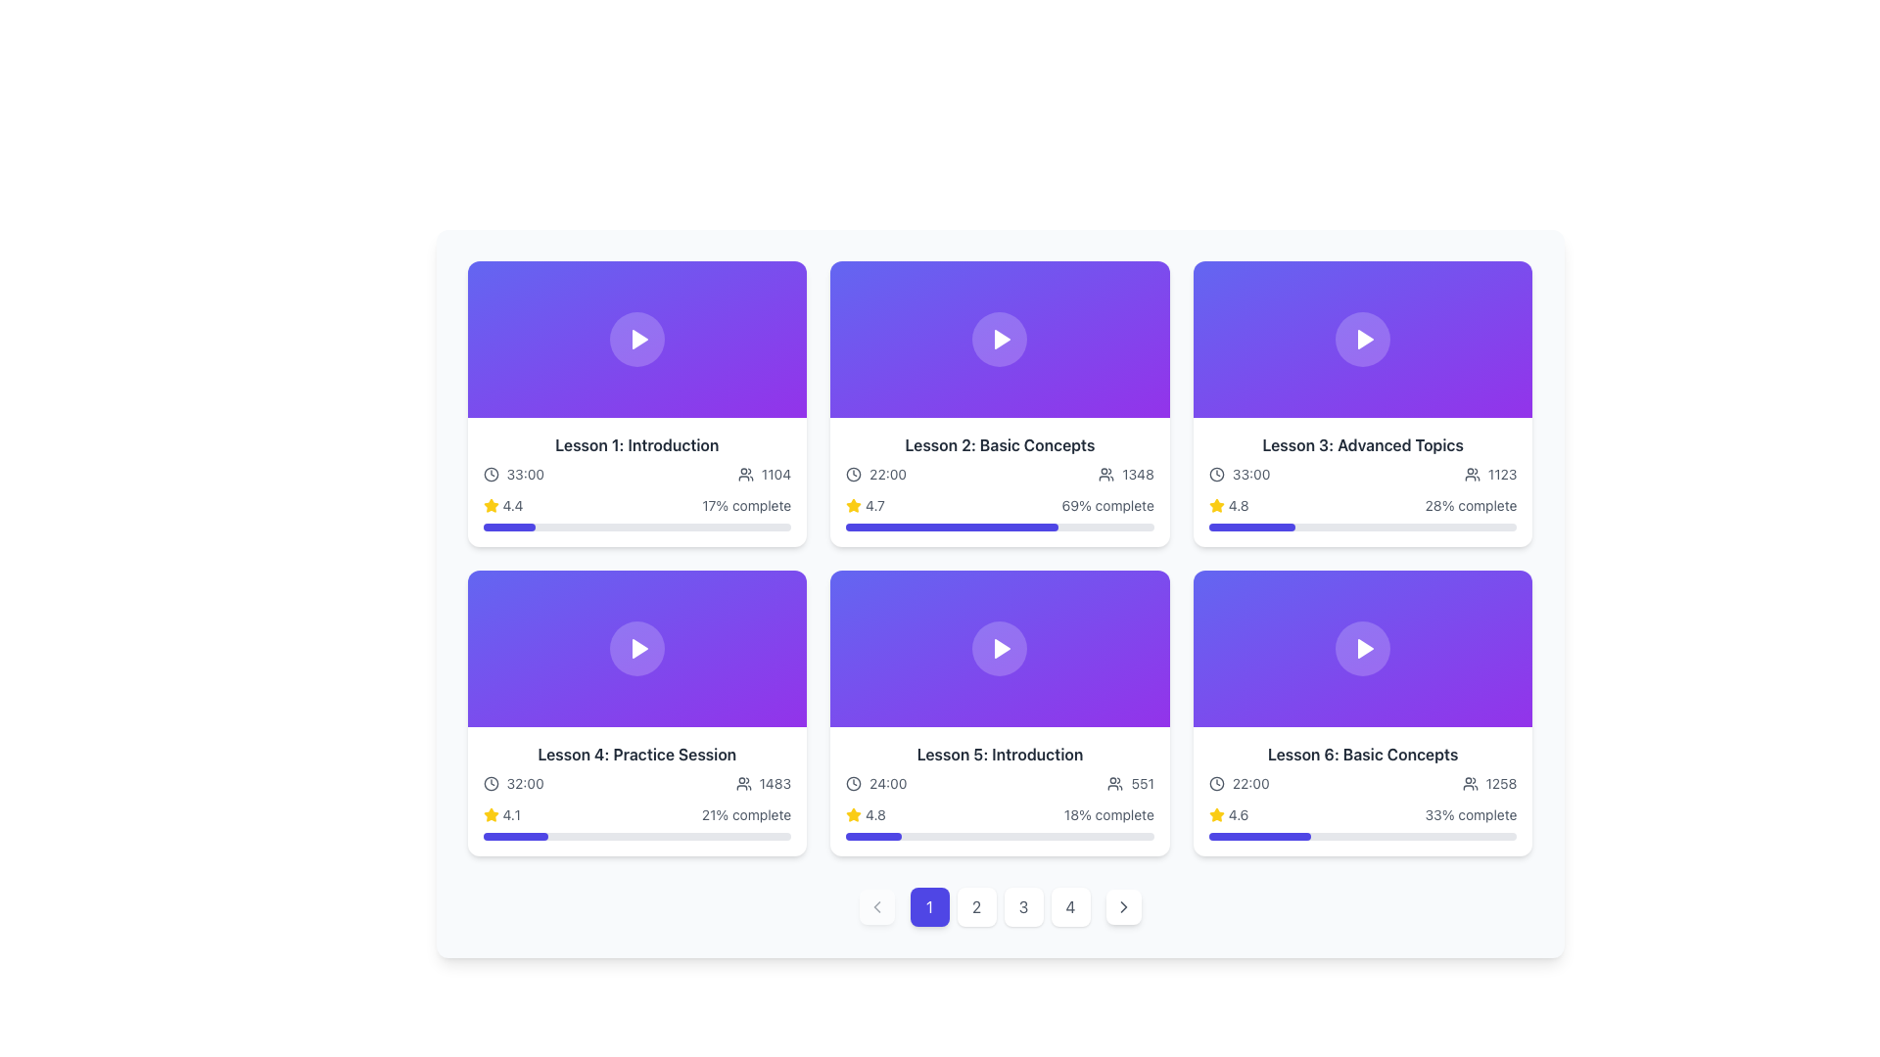 The image size is (1880, 1057). Describe the element at coordinates (1215, 475) in the screenshot. I see `the time icon representing the duration of the lesson, which is located to the left of the text '33:00' within the card for Lesson 3: Advanced Topics` at that location.